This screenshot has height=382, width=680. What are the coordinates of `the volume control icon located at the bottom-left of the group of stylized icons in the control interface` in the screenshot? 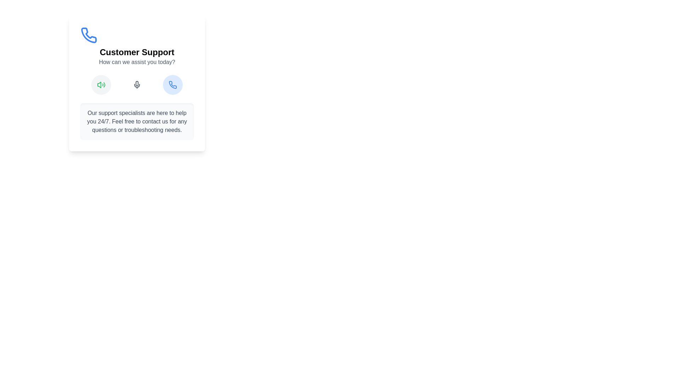 It's located at (99, 84).